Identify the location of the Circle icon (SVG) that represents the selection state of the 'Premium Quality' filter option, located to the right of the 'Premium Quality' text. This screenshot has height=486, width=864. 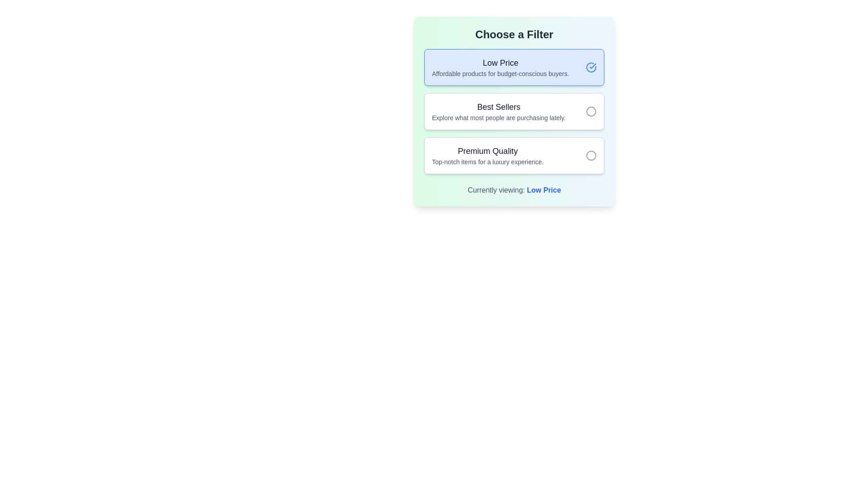
(591, 155).